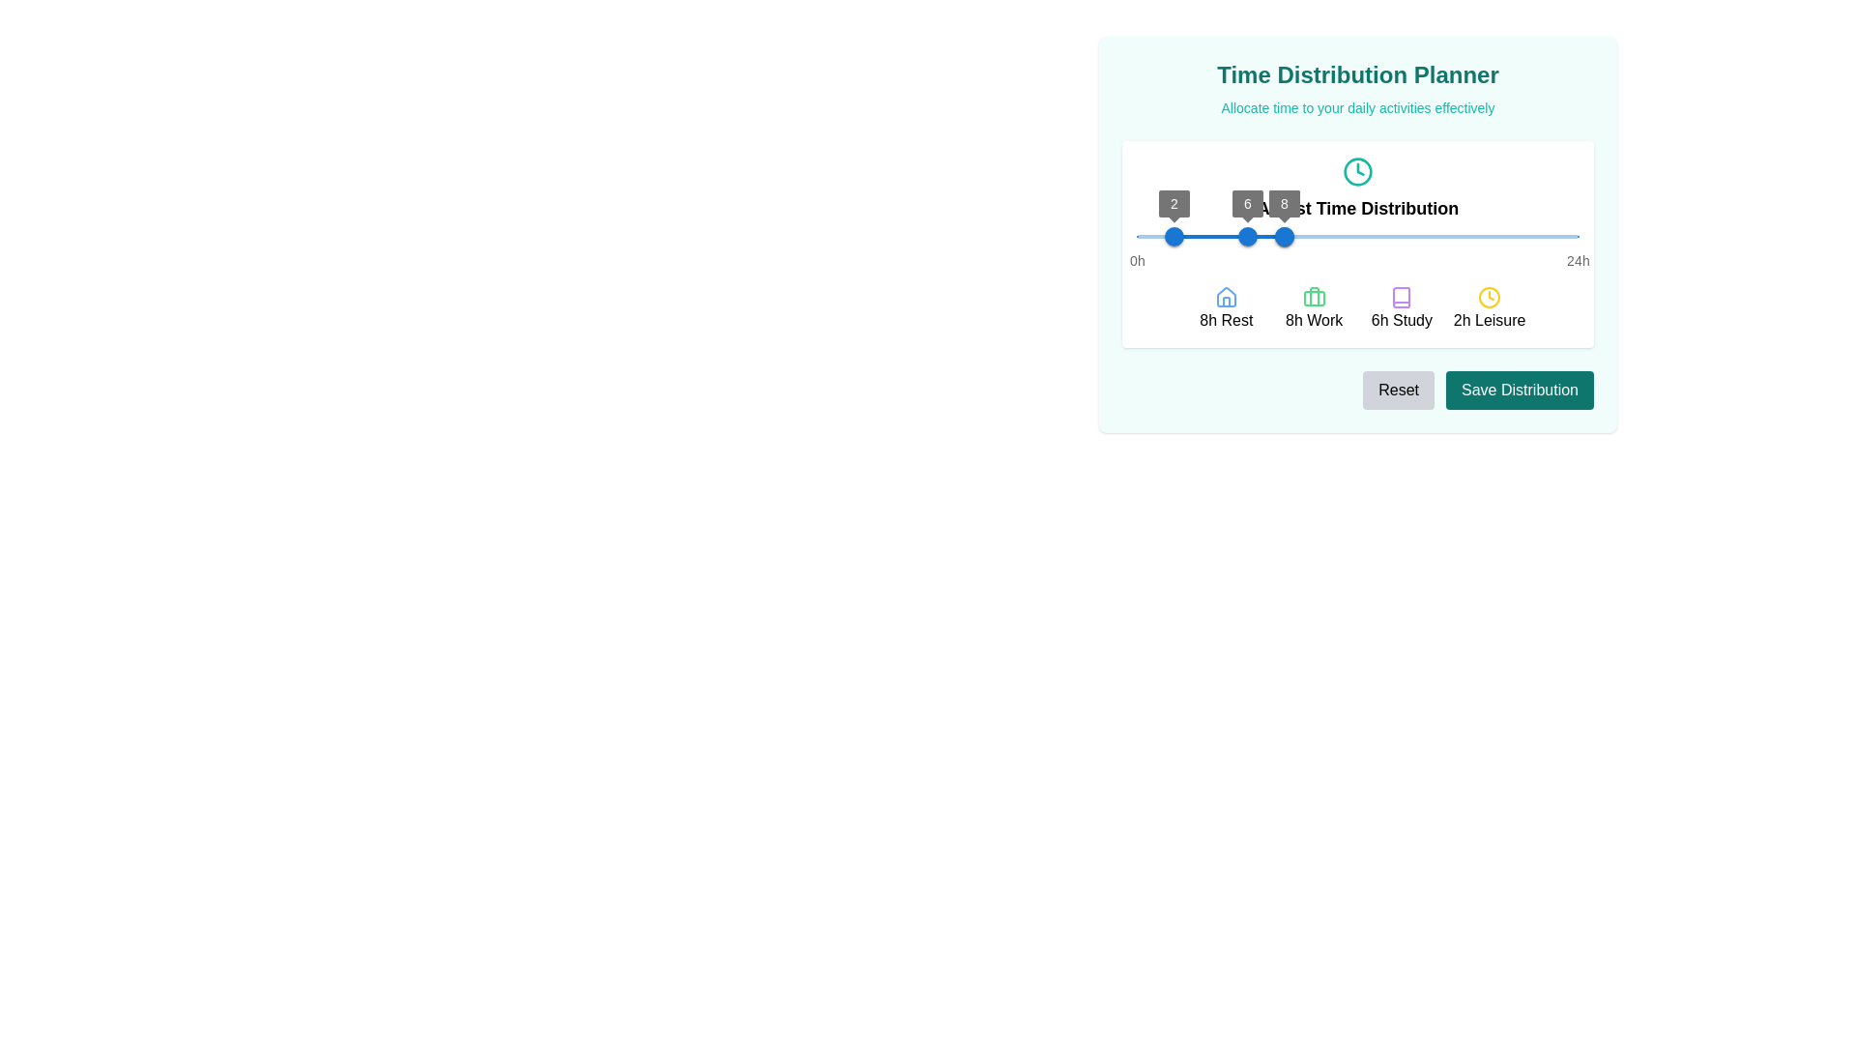 The width and height of the screenshot is (1856, 1044). What do you see at coordinates (1357, 170) in the screenshot?
I see `the teal circular clock icon with minimalistic design, positioned above the 'Adjust Time Distribution' text, by moving the cursor to its center point` at bounding box center [1357, 170].